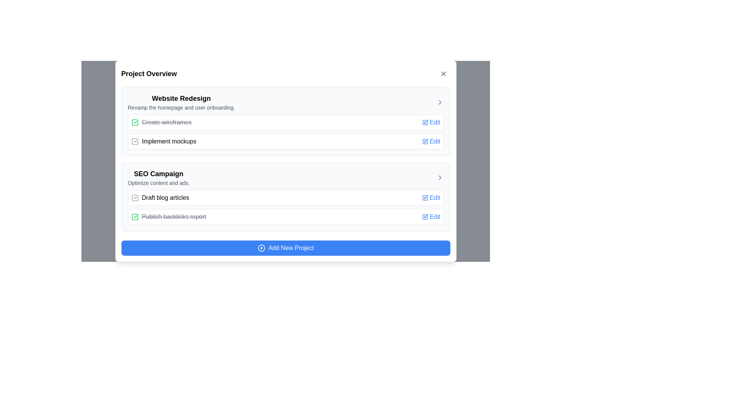  I want to click on the rounded plus icon located at the center of the 'Add New Project' button at the bottom of the interface, so click(261, 248).